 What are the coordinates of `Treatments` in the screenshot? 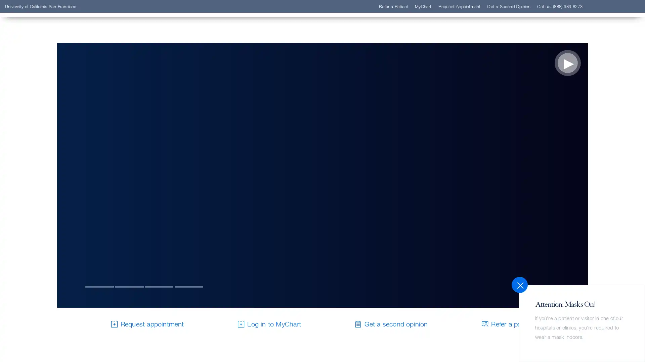 It's located at (43, 139).